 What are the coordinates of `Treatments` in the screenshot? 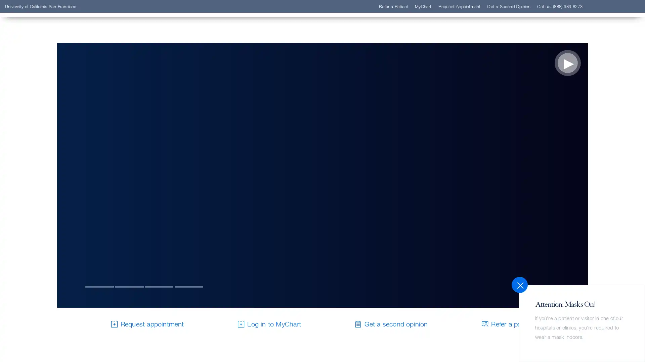 It's located at (43, 139).